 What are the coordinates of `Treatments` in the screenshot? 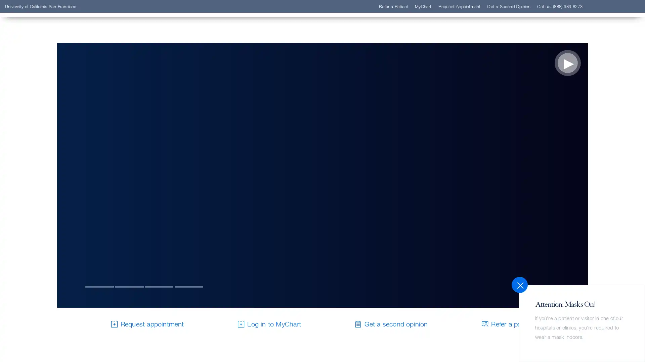 It's located at (43, 139).